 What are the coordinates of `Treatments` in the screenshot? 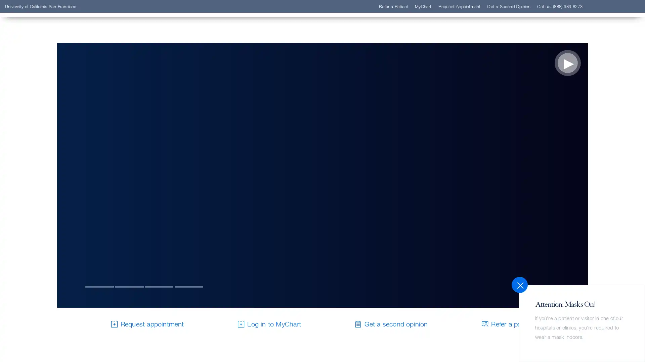 It's located at (43, 139).